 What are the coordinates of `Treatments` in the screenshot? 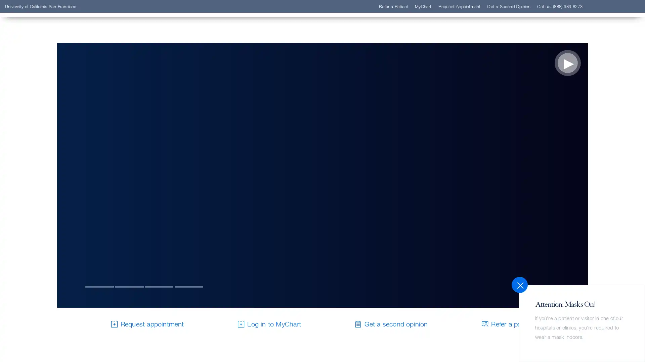 It's located at (43, 139).